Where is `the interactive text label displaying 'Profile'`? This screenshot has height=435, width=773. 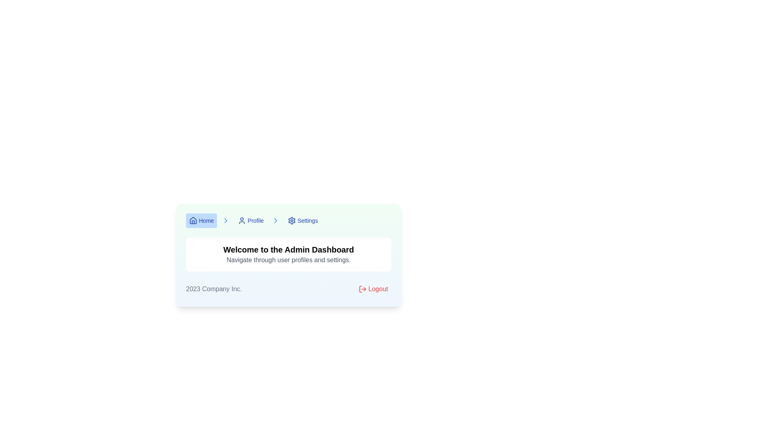
the interactive text label displaying 'Profile' is located at coordinates (255, 220).